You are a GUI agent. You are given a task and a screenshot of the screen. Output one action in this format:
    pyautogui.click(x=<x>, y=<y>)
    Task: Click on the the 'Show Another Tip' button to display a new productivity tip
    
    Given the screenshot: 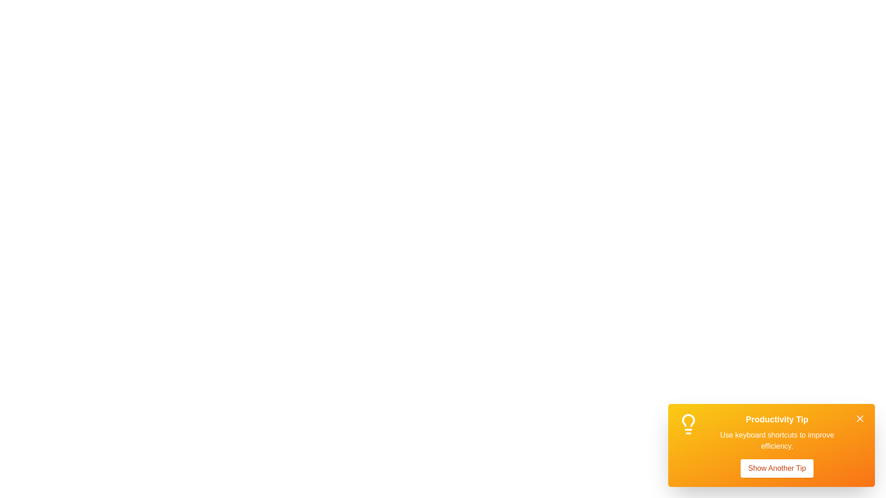 What is the action you would take?
    pyautogui.click(x=776, y=468)
    